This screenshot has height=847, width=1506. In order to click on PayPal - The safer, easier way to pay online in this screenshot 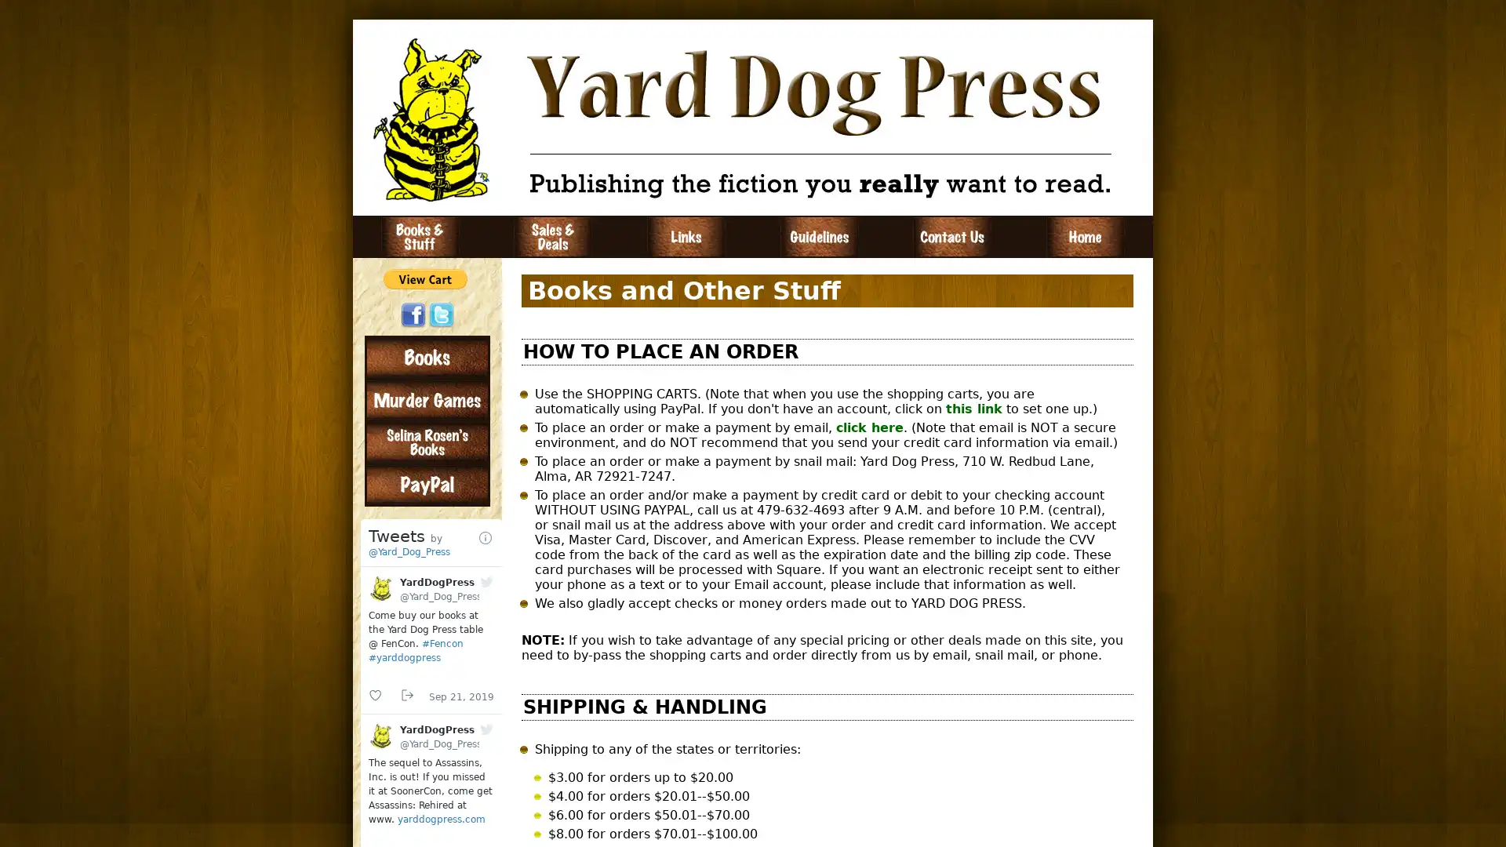, I will do `click(425, 278)`.